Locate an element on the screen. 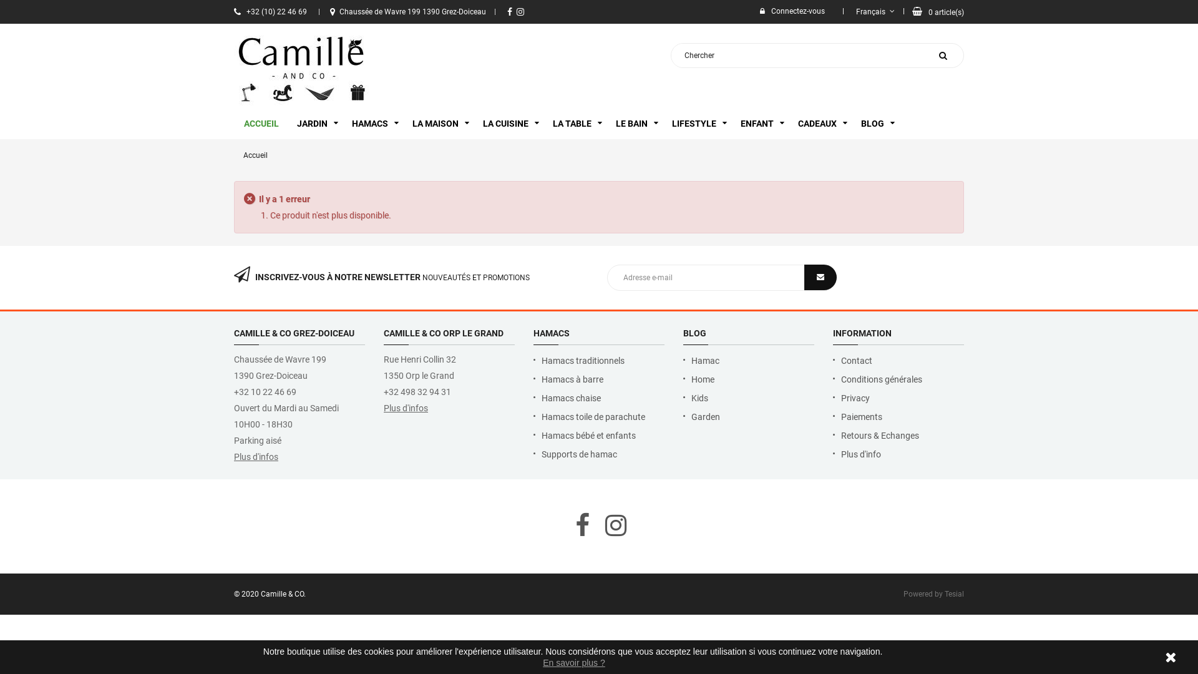  'Hamacs traditionnels' is located at coordinates (599, 361).